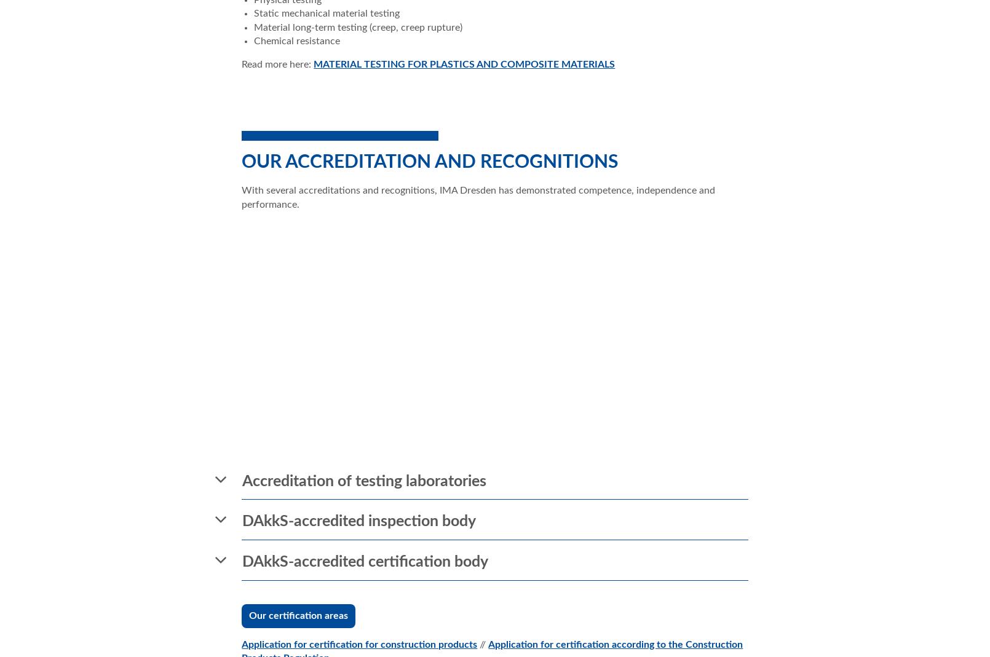 This screenshot has width=990, height=657. I want to click on 'Material long-term testing (creep, creep rupture)', so click(358, 26).